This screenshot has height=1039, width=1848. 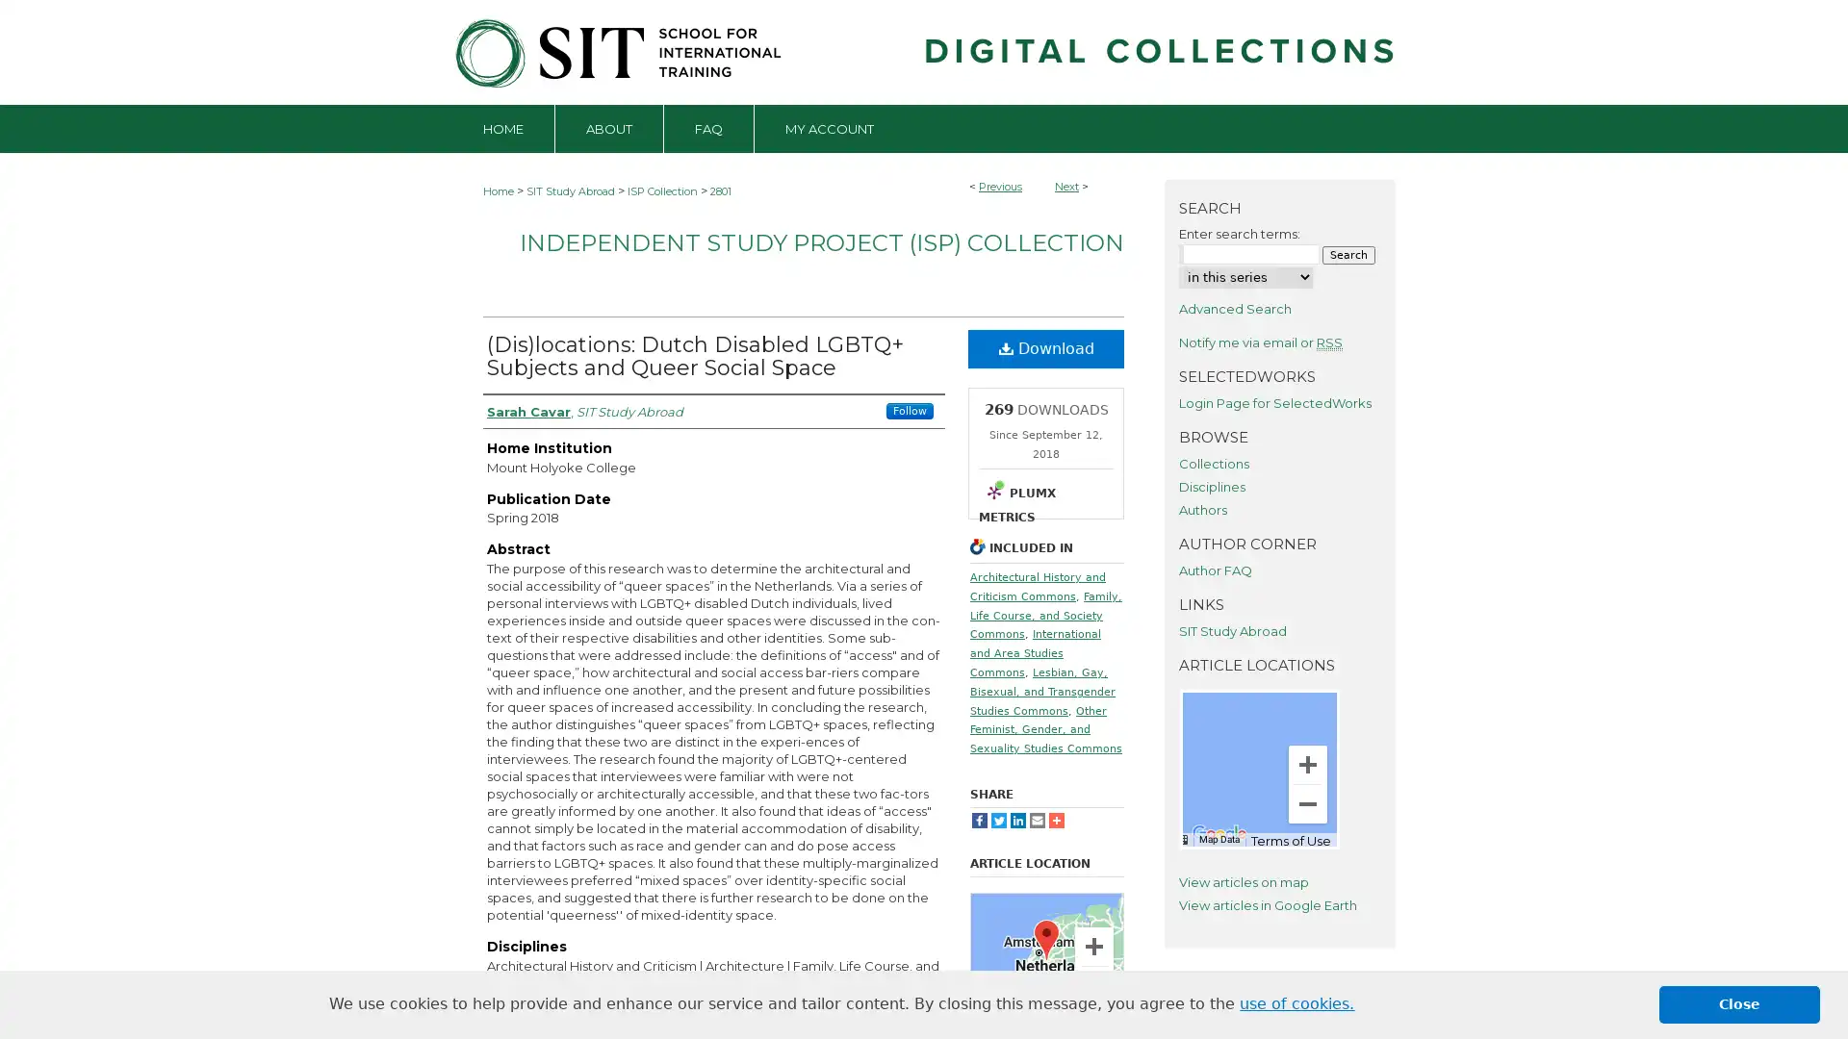 What do you see at coordinates (1219, 837) in the screenshot?
I see `Map Data` at bounding box center [1219, 837].